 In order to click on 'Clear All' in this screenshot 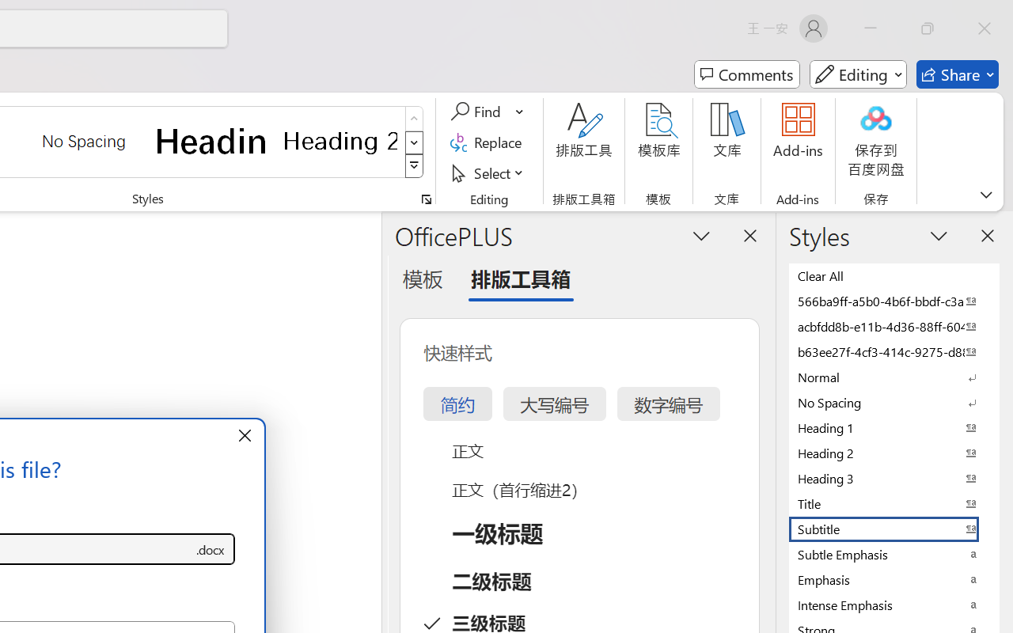, I will do `click(894, 275)`.